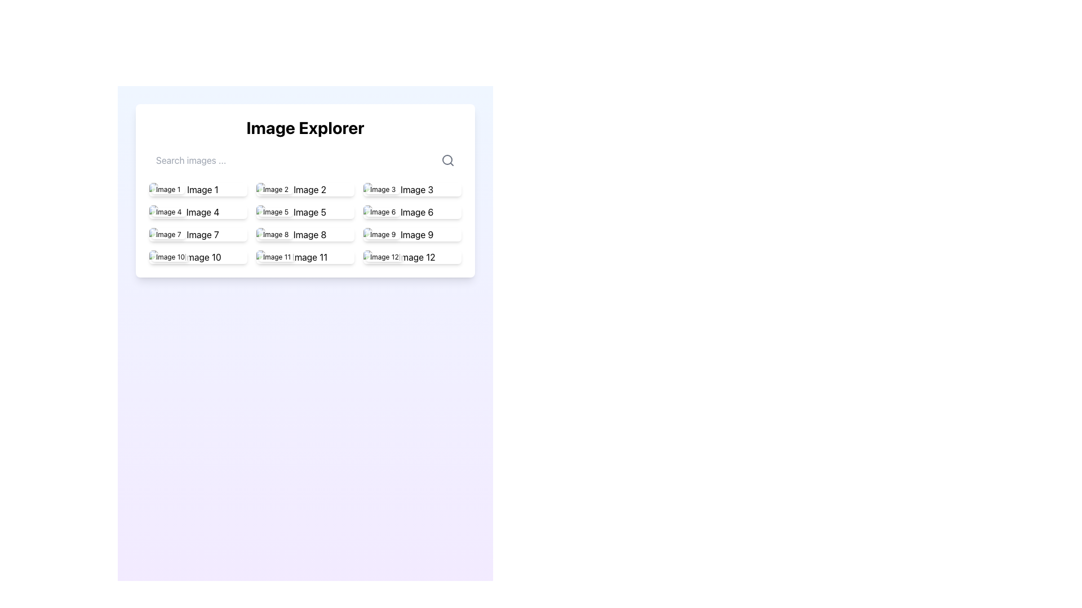  Describe the element at coordinates (198, 234) in the screenshot. I see `the thumbnail with text overlay located in the fourth row and first column of the grid layout` at that location.